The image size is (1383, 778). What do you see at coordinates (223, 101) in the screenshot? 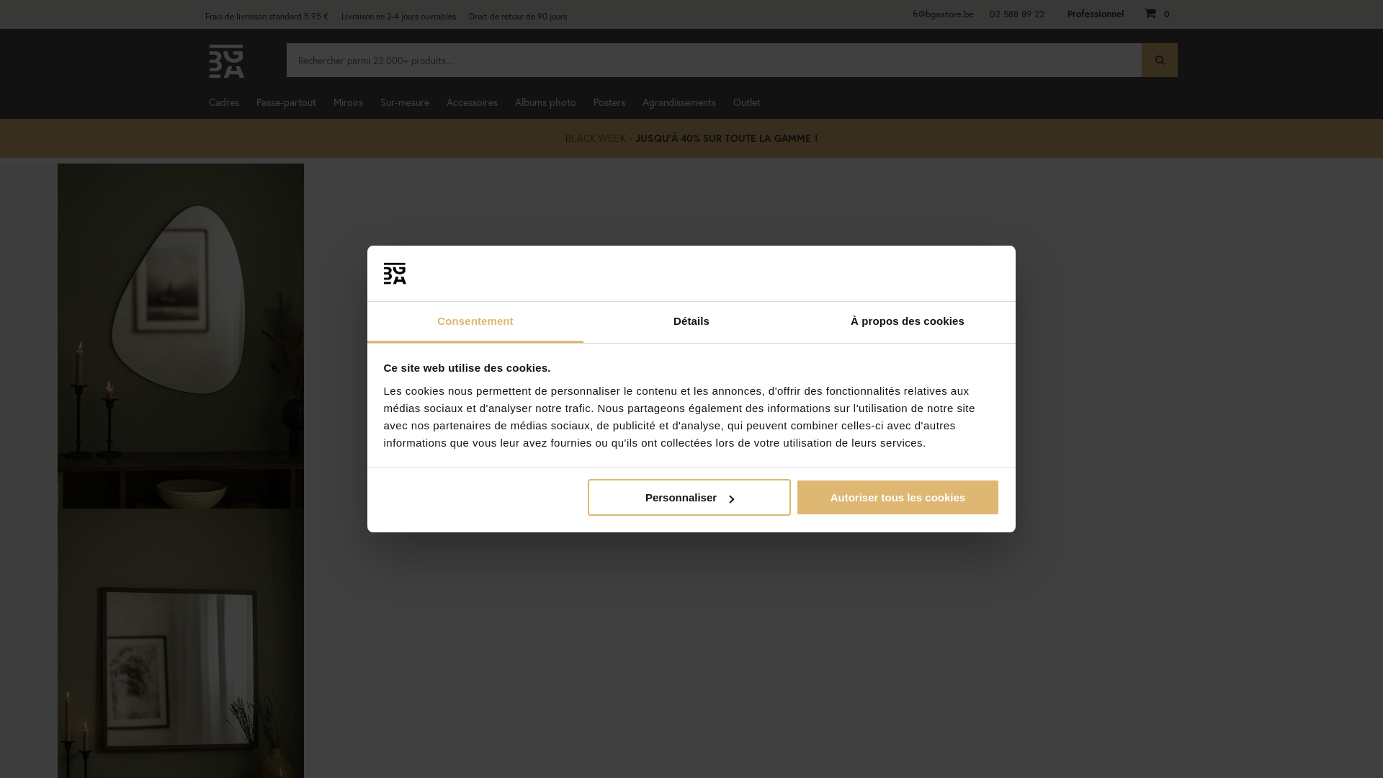
I see `'Cadres'` at bounding box center [223, 101].